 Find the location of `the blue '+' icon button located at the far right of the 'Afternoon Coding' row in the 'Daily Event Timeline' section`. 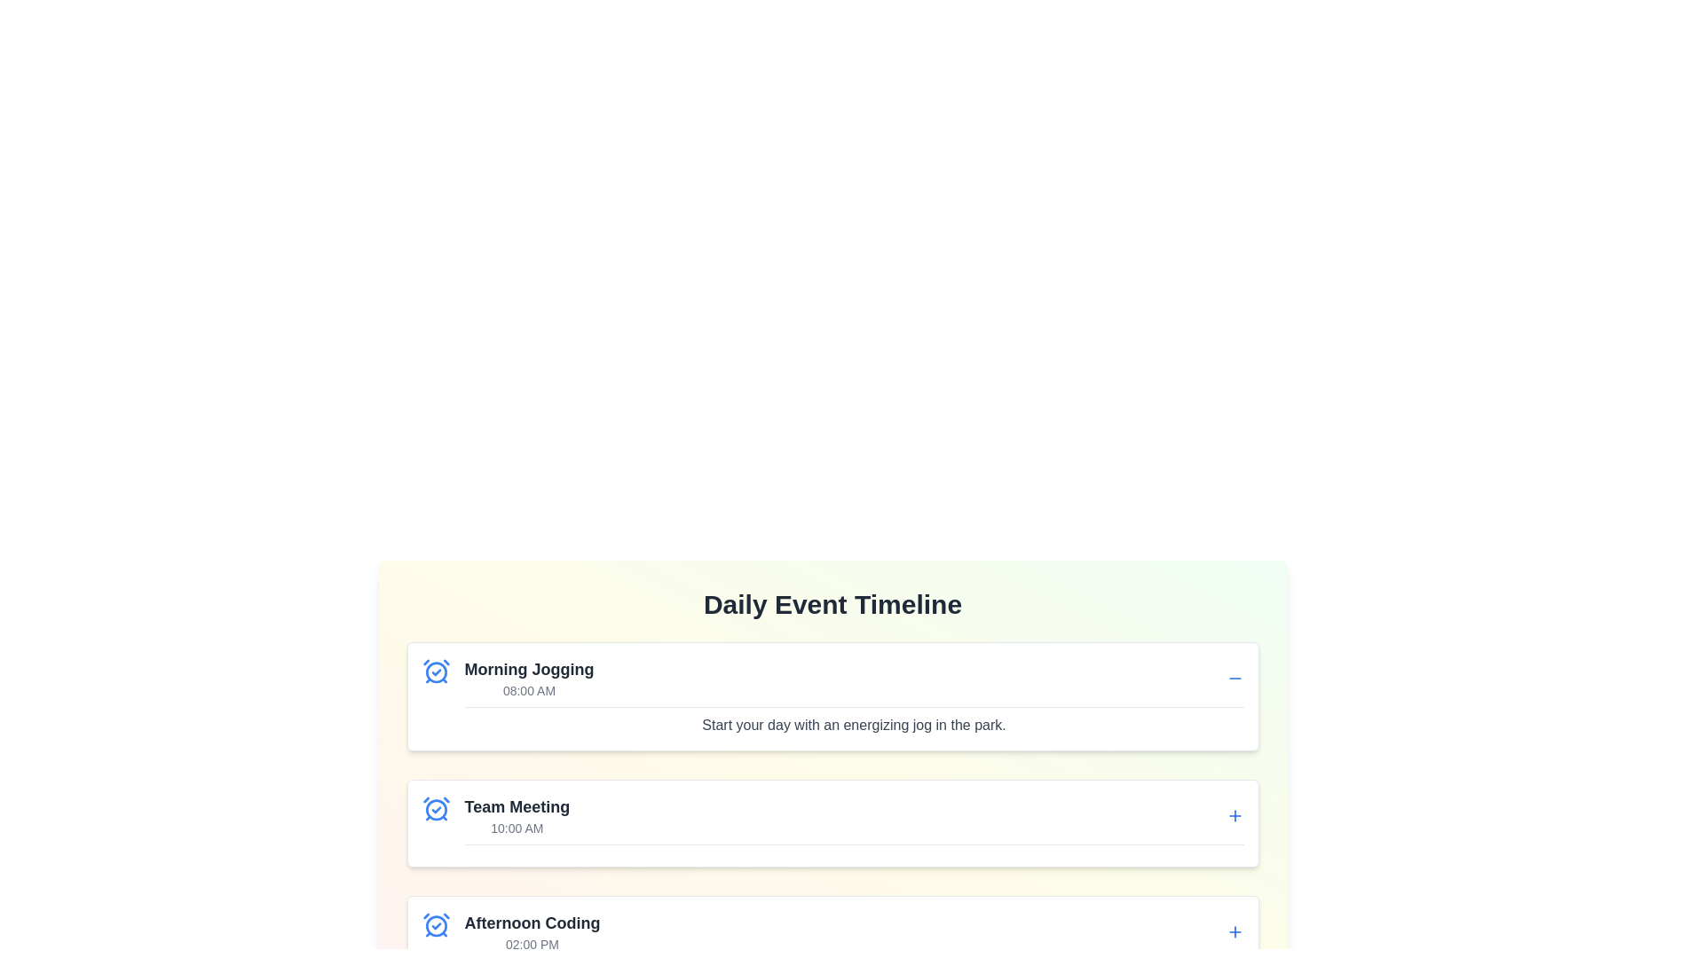

the blue '+' icon button located at the far right of the 'Afternoon Coding' row in the 'Daily Event Timeline' section is located at coordinates (1234, 931).